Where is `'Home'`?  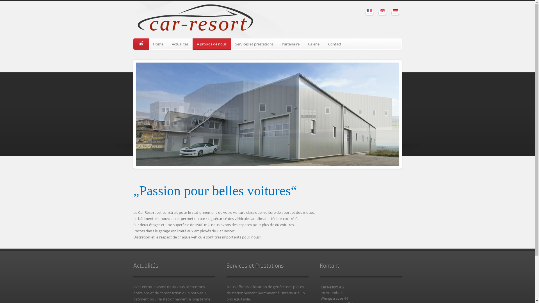
'Home' is located at coordinates (149, 44).